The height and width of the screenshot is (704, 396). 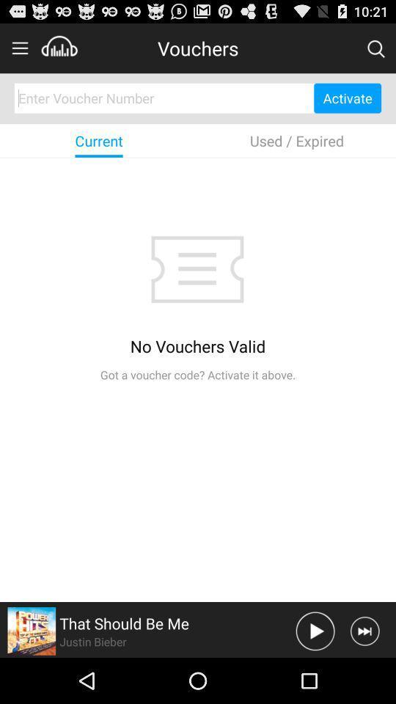 I want to click on the play icon, so click(x=315, y=675).